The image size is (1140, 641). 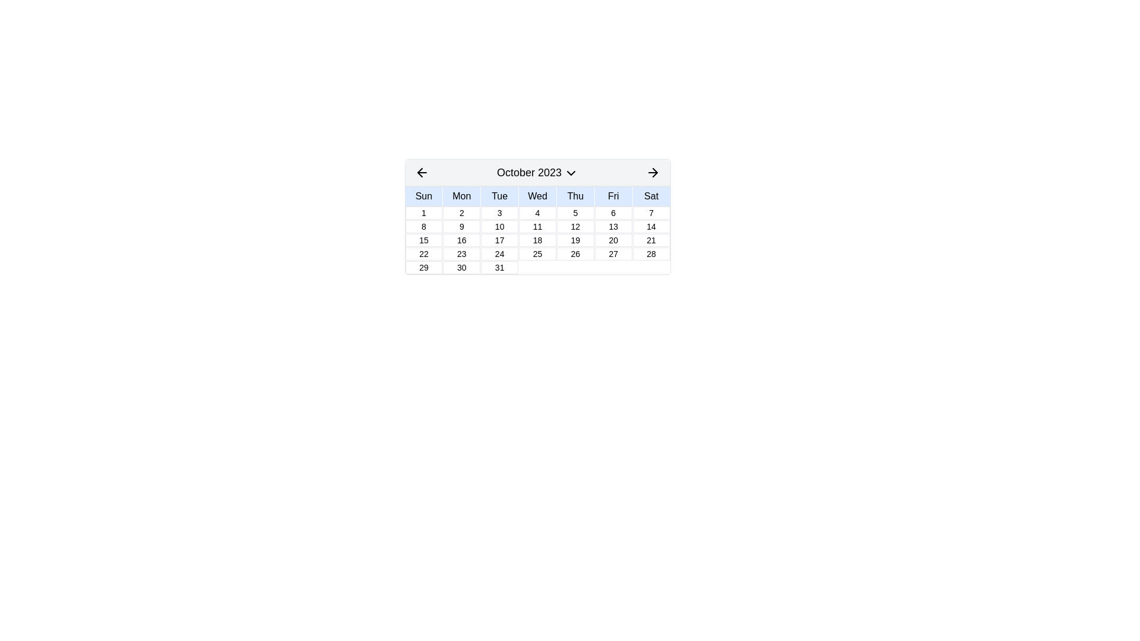 I want to click on the text element displaying the number '31' located in the sixth row under the 'Tue' column of the calendar grid, so click(x=499, y=268).